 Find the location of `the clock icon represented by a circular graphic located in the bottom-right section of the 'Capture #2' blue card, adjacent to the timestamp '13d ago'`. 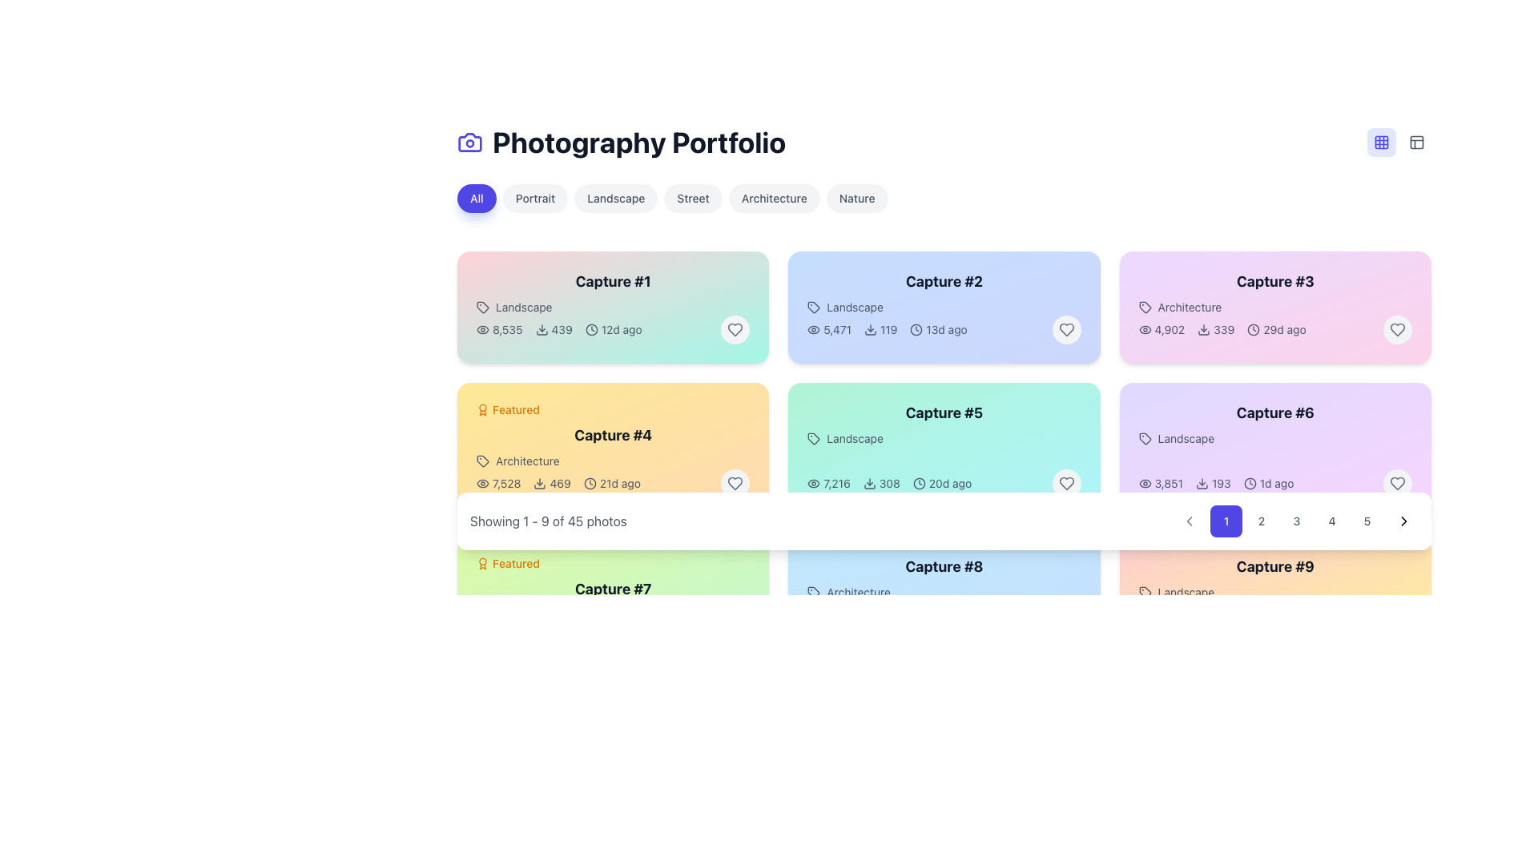

the clock icon represented by a circular graphic located in the bottom-right section of the 'Capture #2' blue card, adjacent to the timestamp '13d ago' is located at coordinates (916, 329).